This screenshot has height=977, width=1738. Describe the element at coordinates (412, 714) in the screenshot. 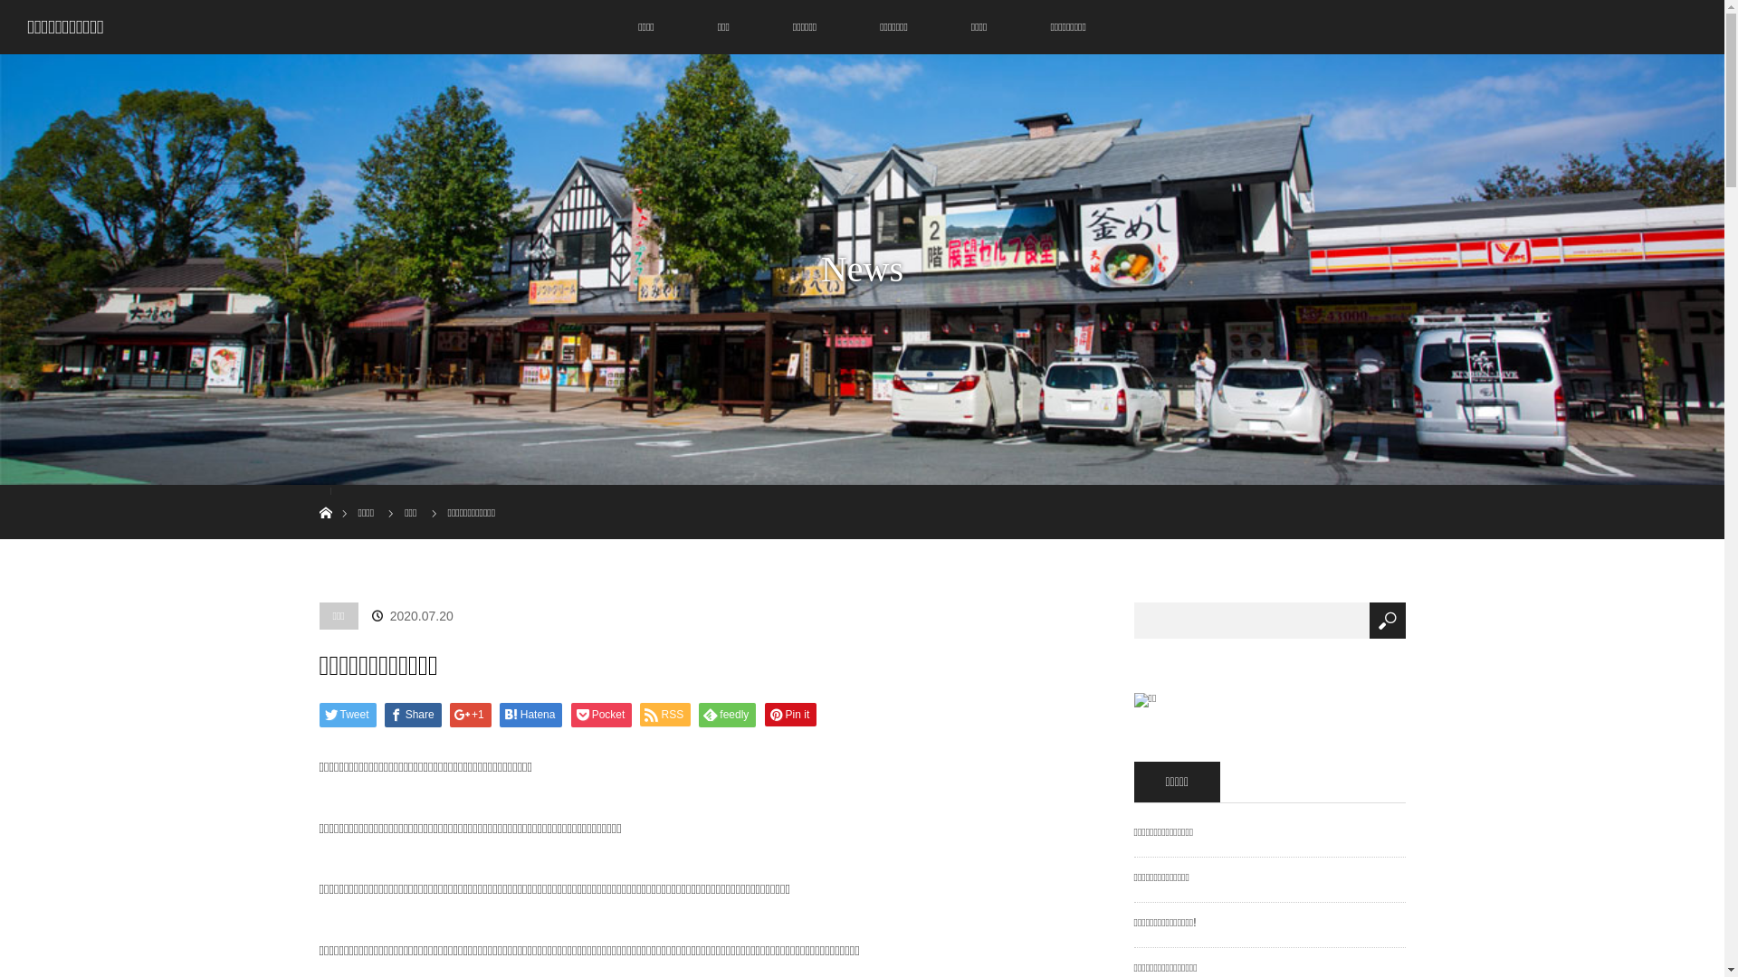

I see `'Share'` at that location.